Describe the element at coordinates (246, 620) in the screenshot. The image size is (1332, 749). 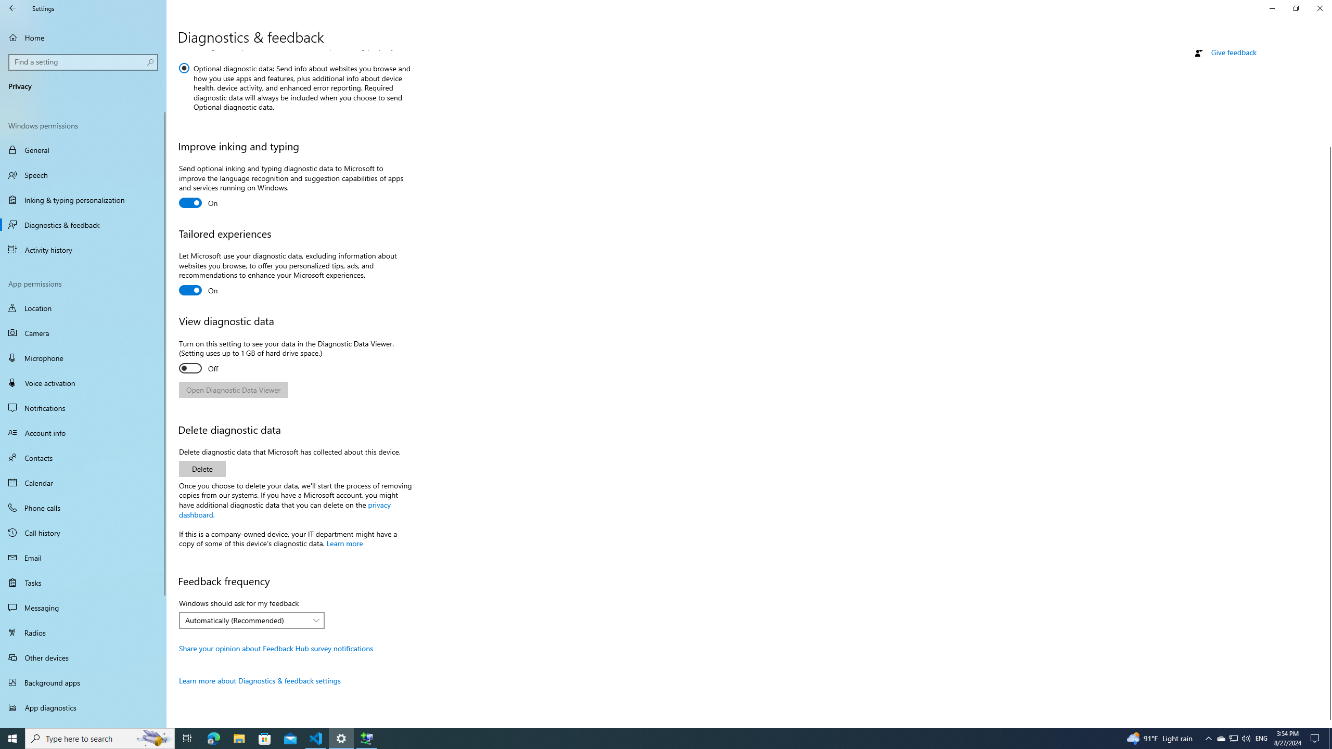
I see `'Automatically (Recommended)'` at that location.